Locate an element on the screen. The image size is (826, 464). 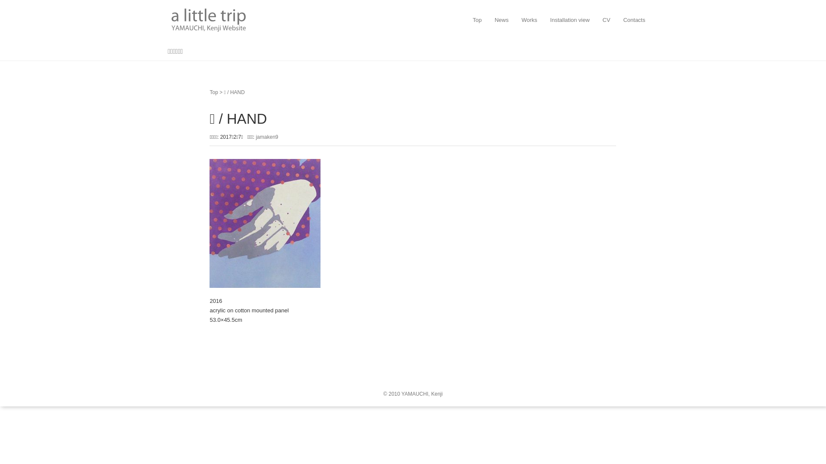
'Top' is located at coordinates (213, 92).